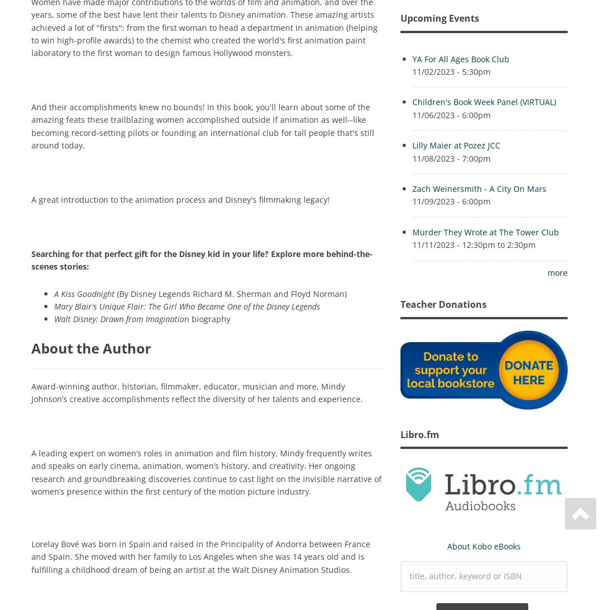 The height and width of the screenshot is (610, 599). What do you see at coordinates (455, 145) in the screenshot?
I see `'Lilly Maier at Pozez JCC'` at bounding box center [455, 145].